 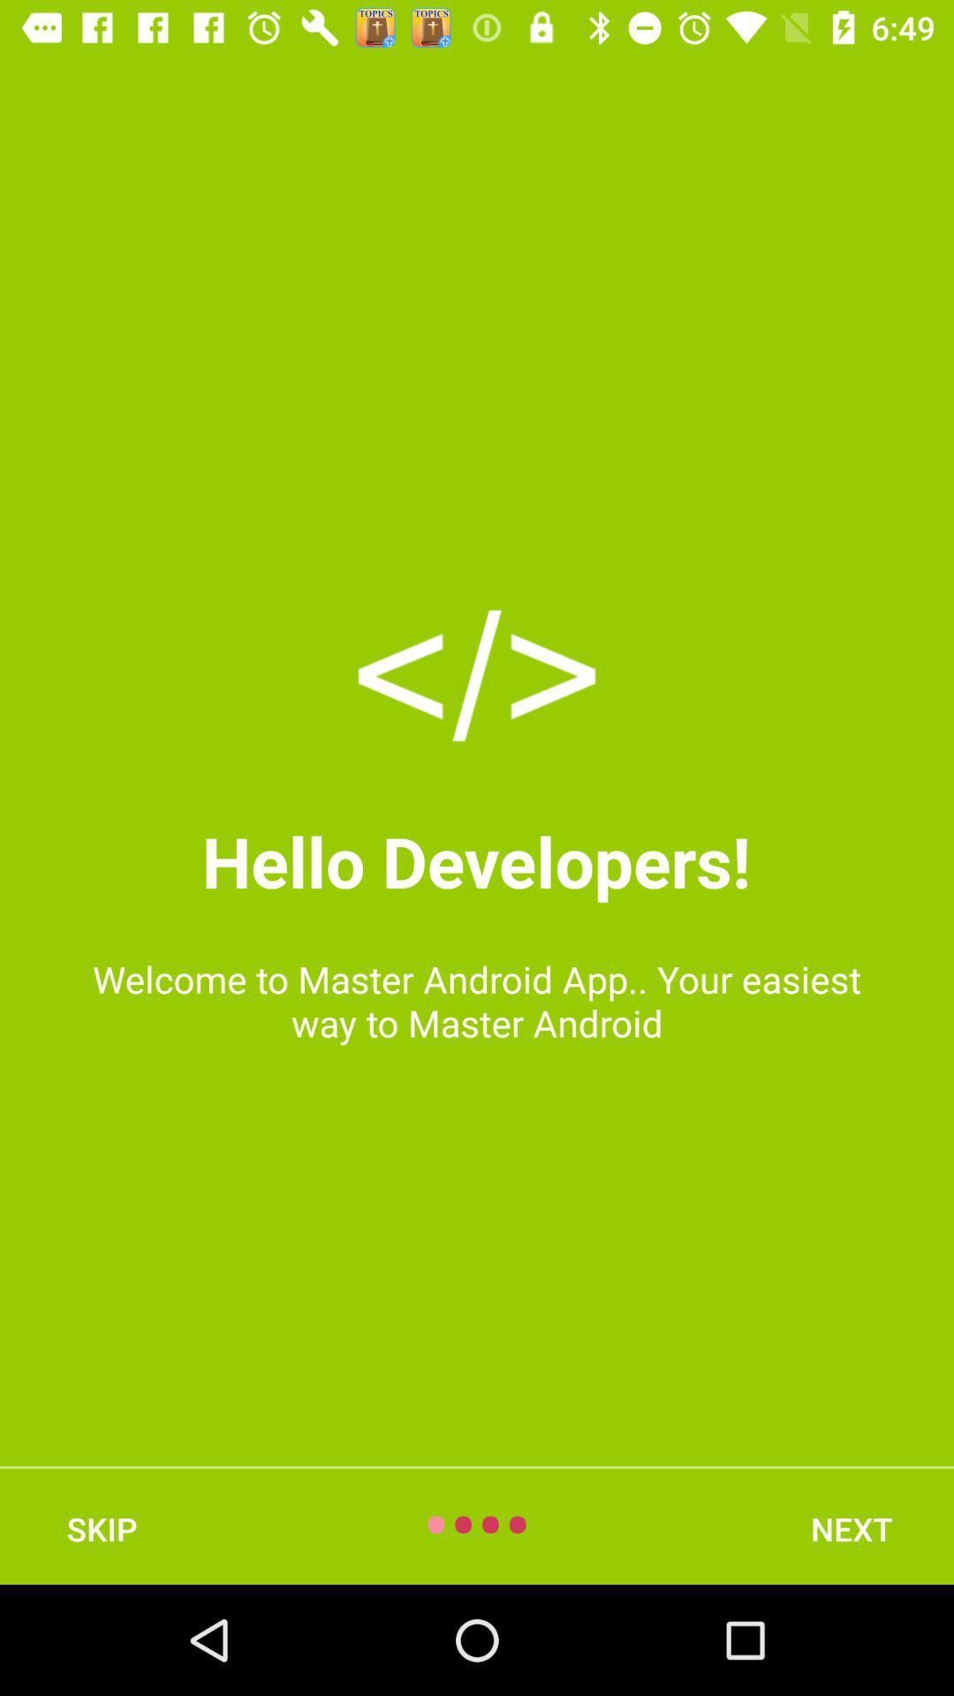 I want to click on icon at the bottom right corner, so click(x=851, y=1528).